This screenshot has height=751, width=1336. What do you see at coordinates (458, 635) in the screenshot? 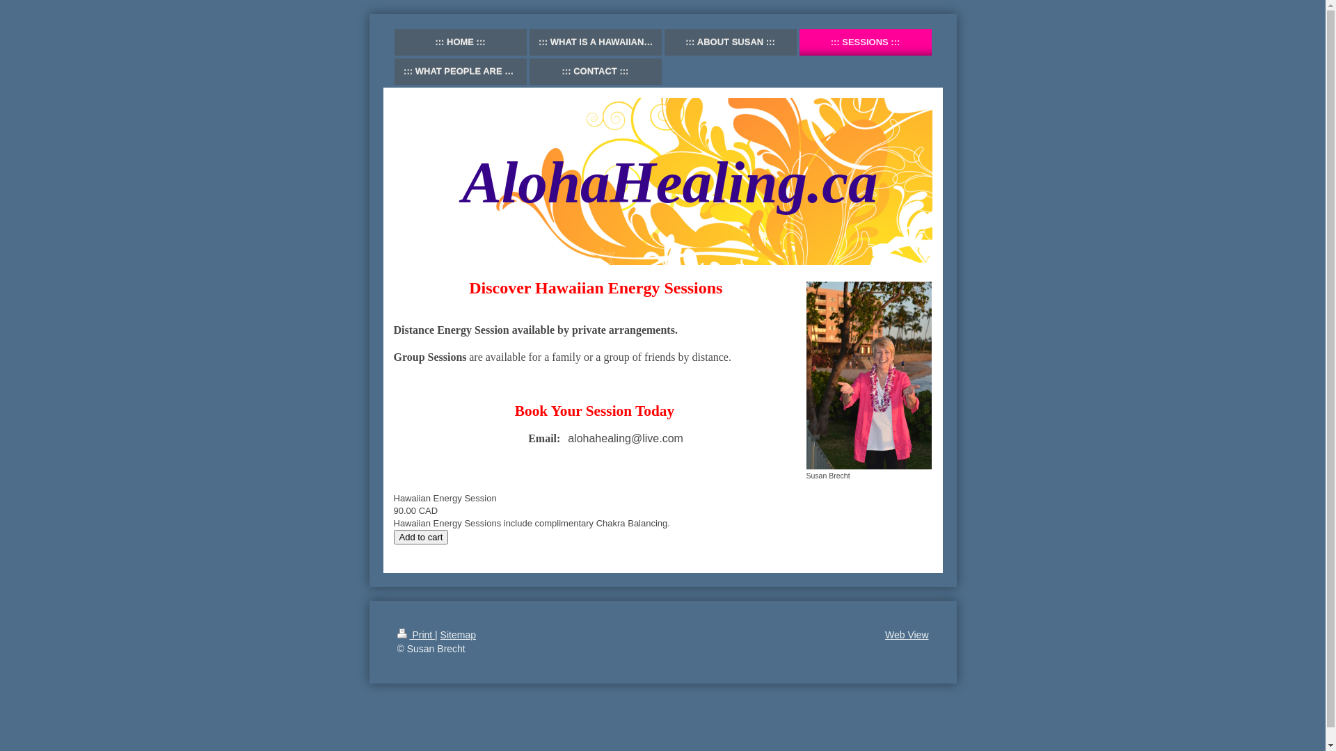
I see `'Sitemap'` at bounding box center [458, 635].